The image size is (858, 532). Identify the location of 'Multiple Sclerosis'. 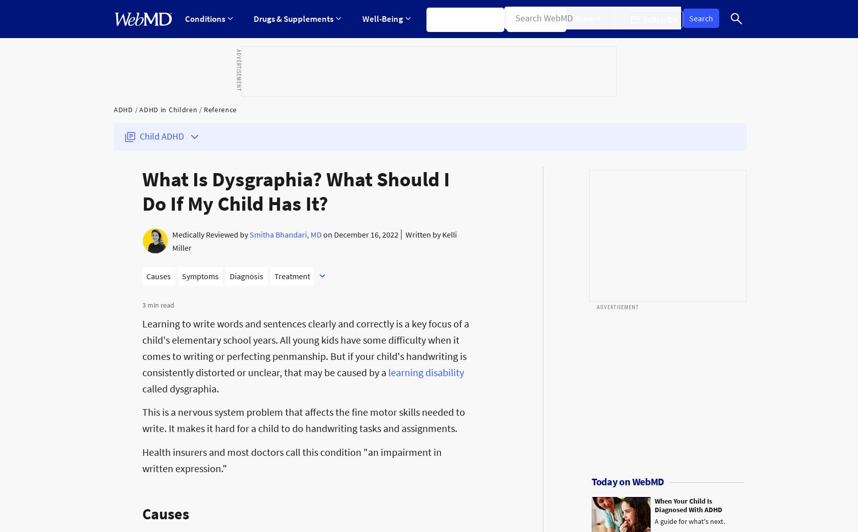
(399, 133).